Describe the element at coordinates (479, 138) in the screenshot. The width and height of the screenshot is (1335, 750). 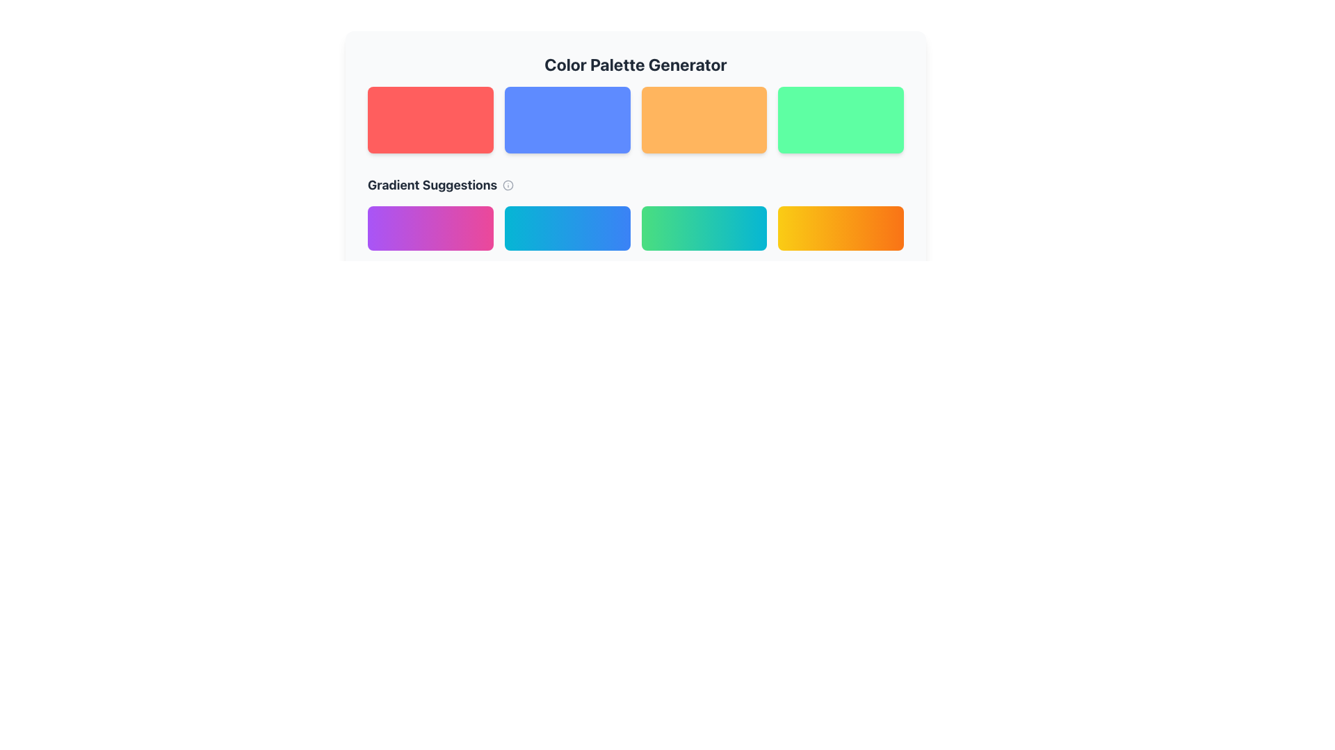
I see `the button located at the bottom-right corner of the red rectangular area` at that location.